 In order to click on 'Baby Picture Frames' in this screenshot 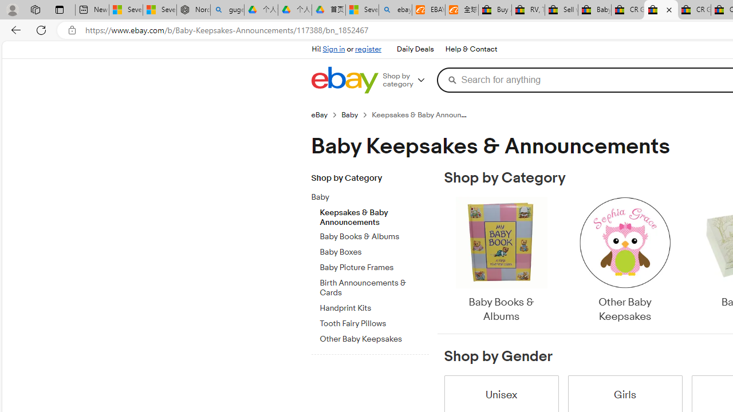, I will do `click(374, 266)`.